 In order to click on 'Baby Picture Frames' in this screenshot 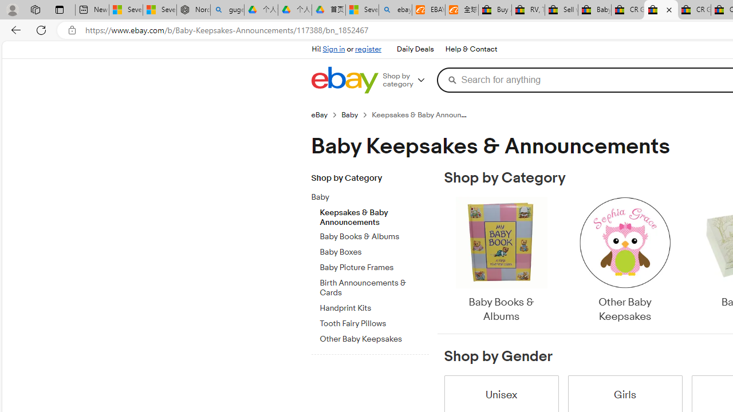, I will do `click(374, 266)`.